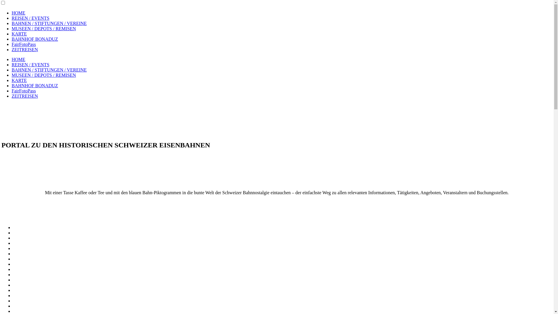 The width and height of the screenshot is (558, 314). What do you see at coordinates (23, 44) in the screenshot?
I see `'FairFotoPass'` at bounding box center [23, 44].